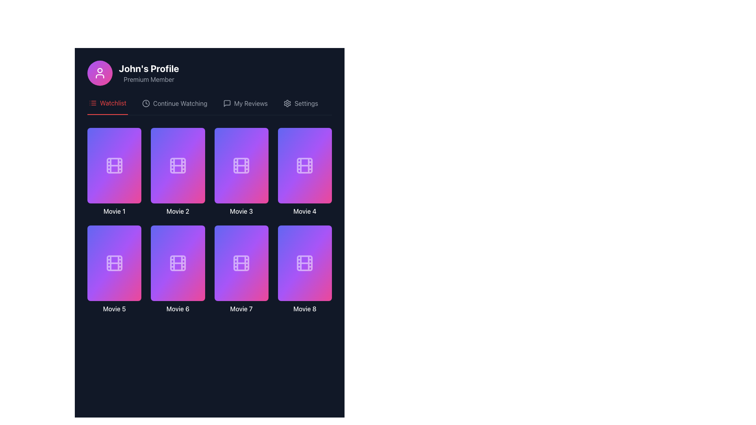 Image resolution: width=756 pixels, height=425 pixels. Describe the element at coordinates (241, 259) in the screenshot. I see `the playback button for 'Movie 7'` at that location.